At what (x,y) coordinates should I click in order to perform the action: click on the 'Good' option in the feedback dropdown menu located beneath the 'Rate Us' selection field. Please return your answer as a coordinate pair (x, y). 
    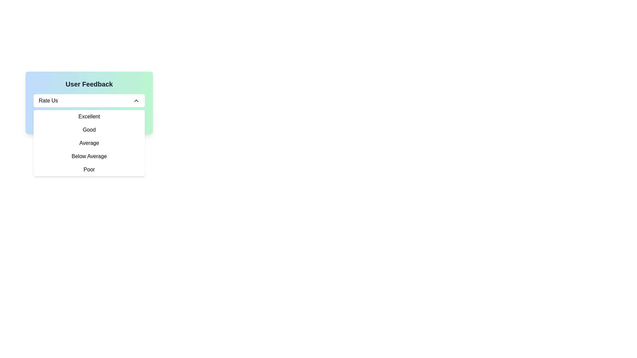
    Looking at the image, I should click on (89, 130).